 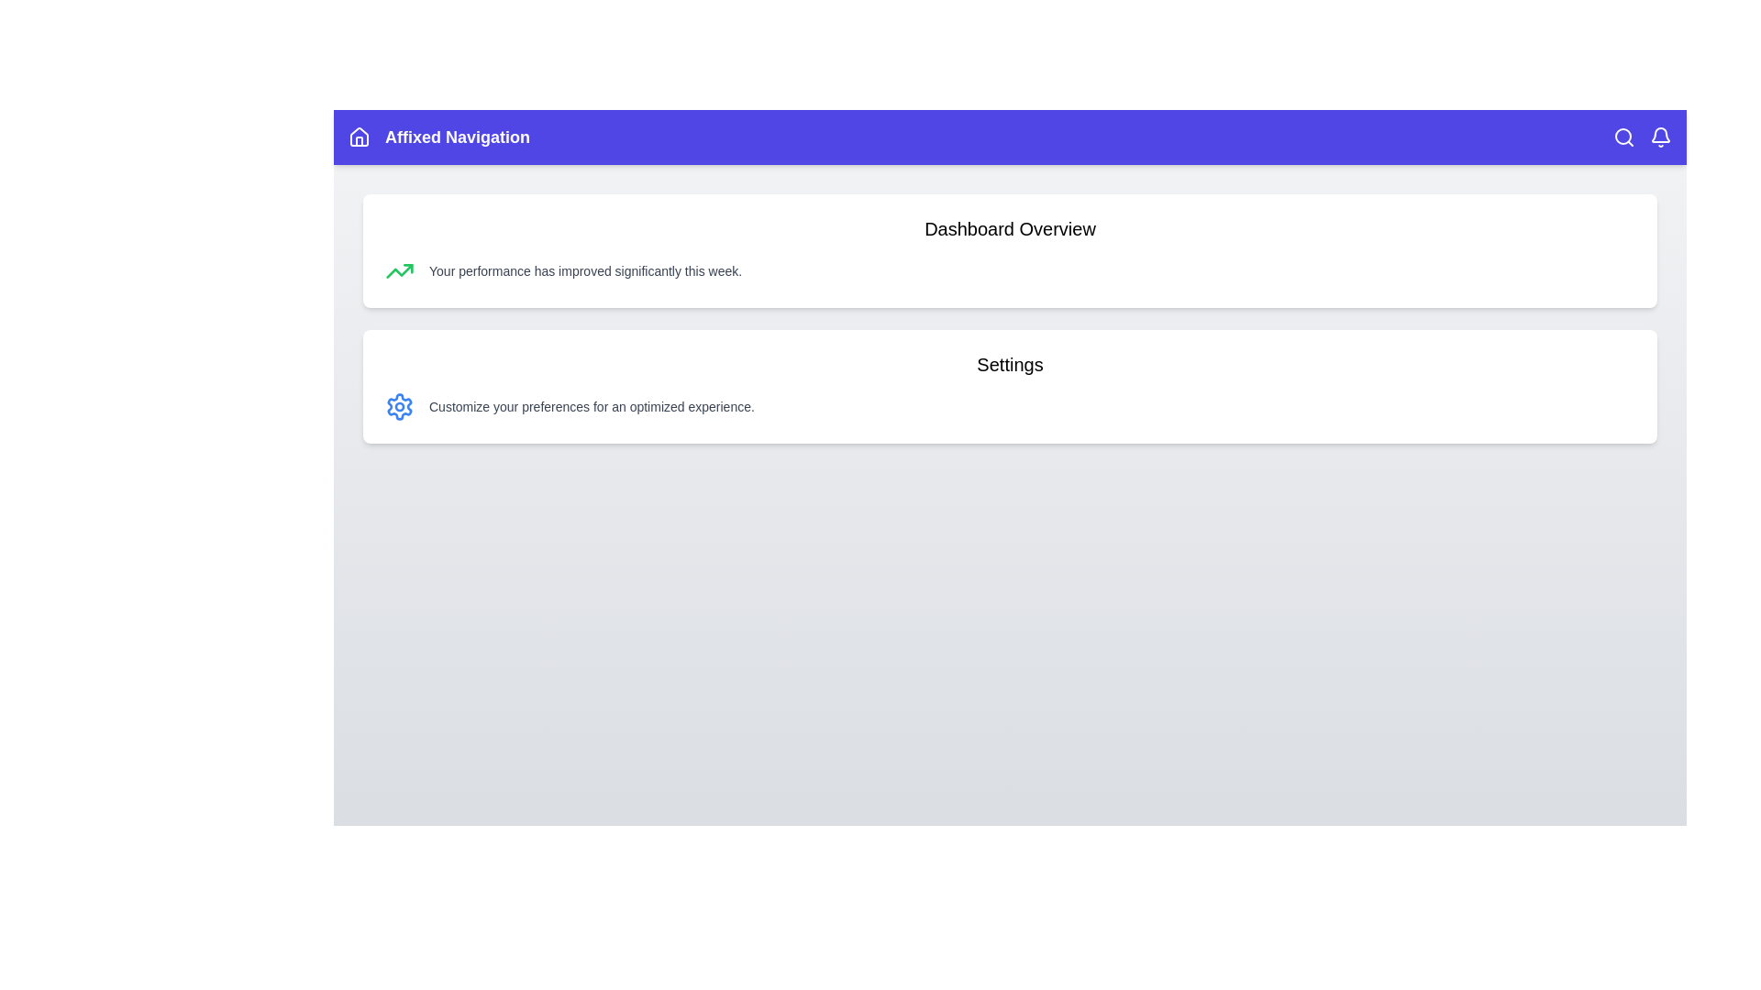 What do you see at coordinates (399, 271) in the screenshot?
I see `the green upward arrow icon situated to the left of the descriptive text in the upper section of the page, which indicates positive growth or improvement` at bounding box center [399, 271].